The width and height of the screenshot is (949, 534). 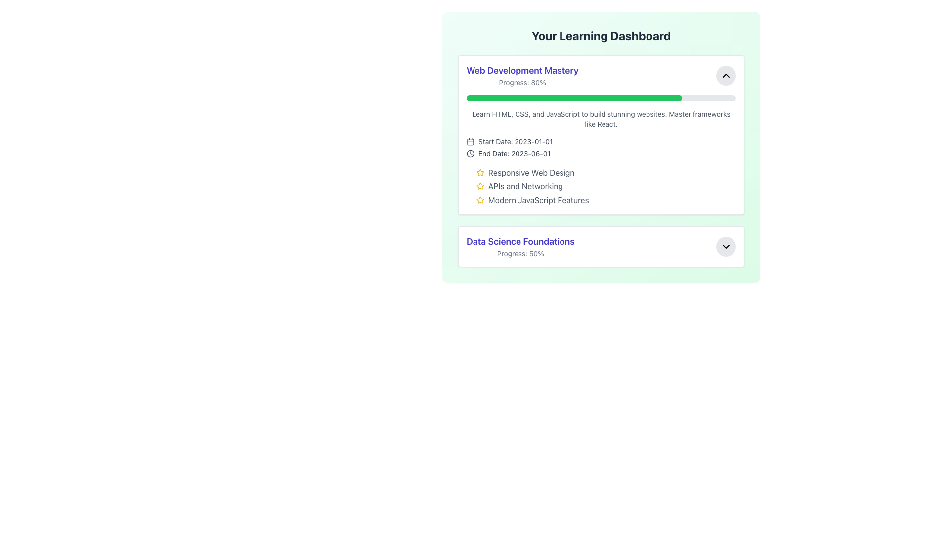 I want to click on the Text Label displaying the start date of the course in the 'Web Development Mastery' card, located near the top center of the card content, so click(x=515, y=141).